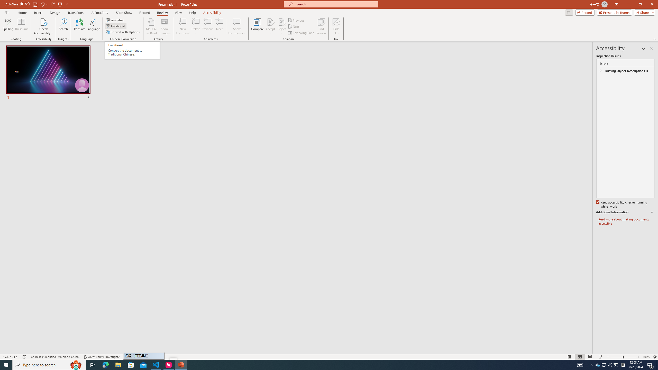 Image resolution: width=658 pixels, height=370 pixels. Describe the element at coordinates (237, 22) in the screenshot. I see `'Show Comments'` at that location.